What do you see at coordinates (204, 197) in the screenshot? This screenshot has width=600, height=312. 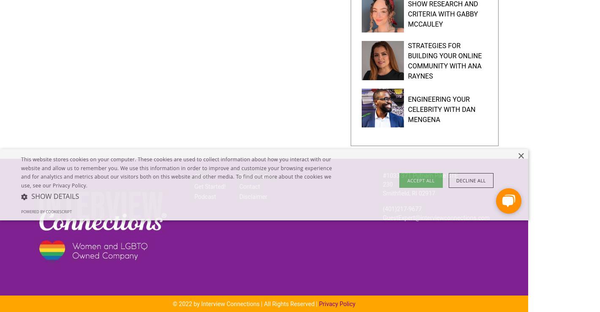 I see `'Podcast'` at bounding box center [204, 197].